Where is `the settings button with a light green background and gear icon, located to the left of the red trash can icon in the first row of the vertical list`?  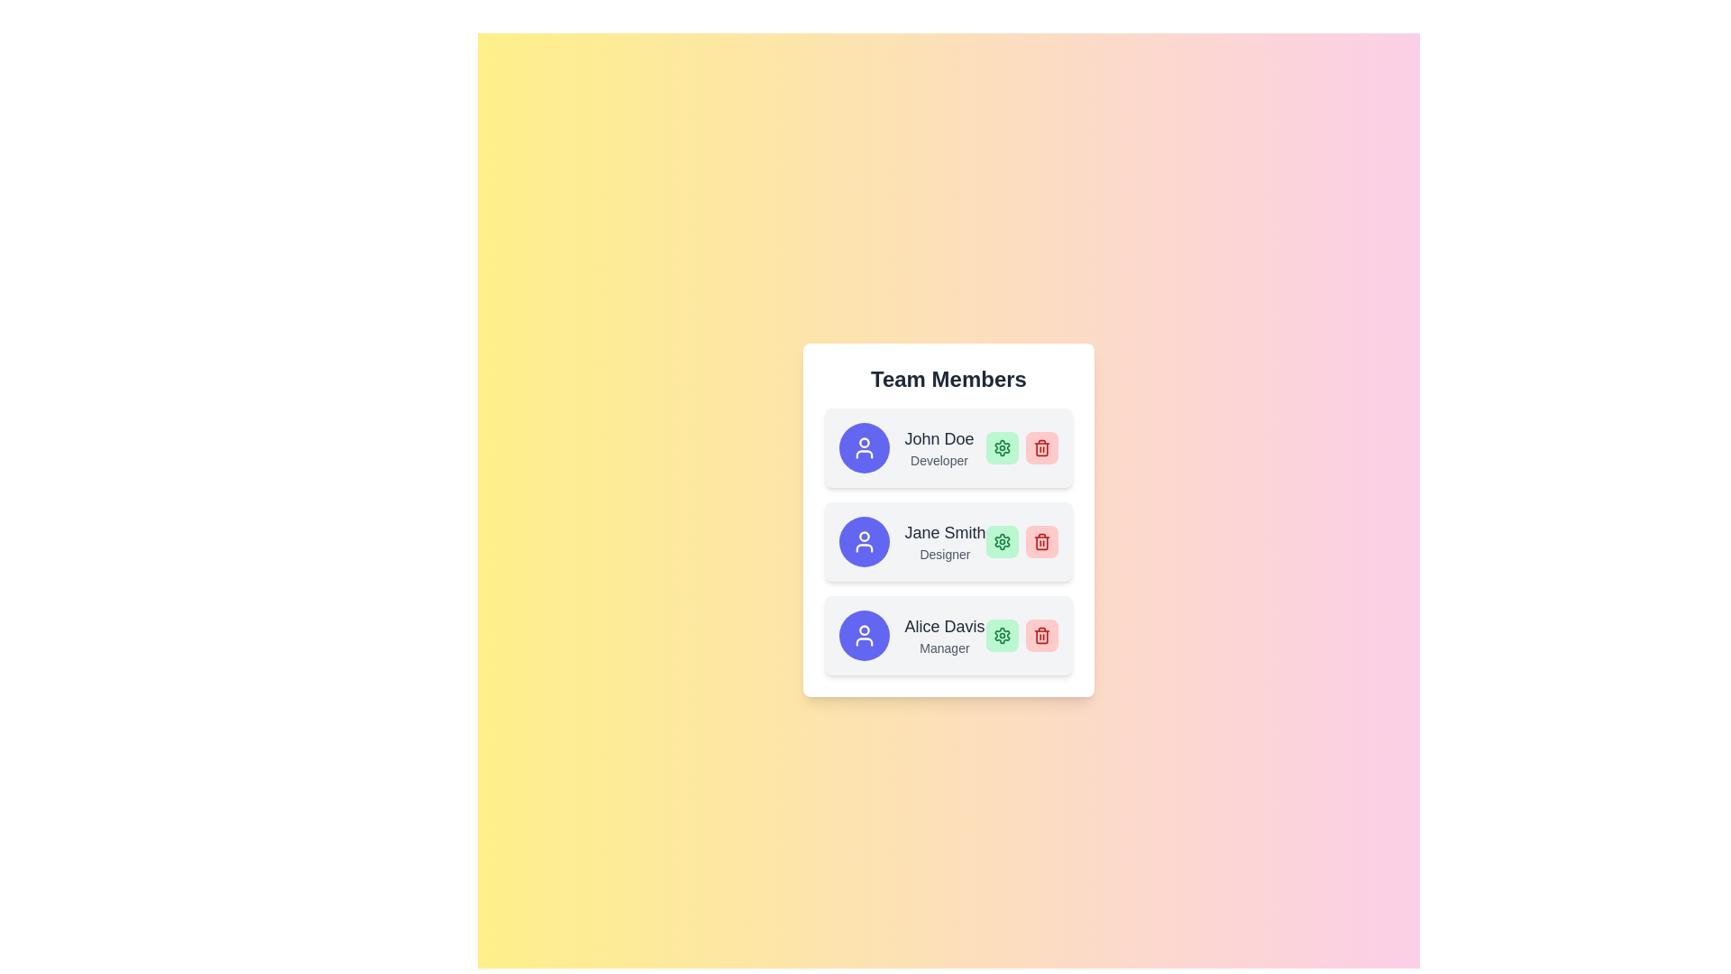
the settings button with a light green background and gear icon, located to the left of the red trash can icon in the first row of the vertical list is located at coordinates (1001, 447).